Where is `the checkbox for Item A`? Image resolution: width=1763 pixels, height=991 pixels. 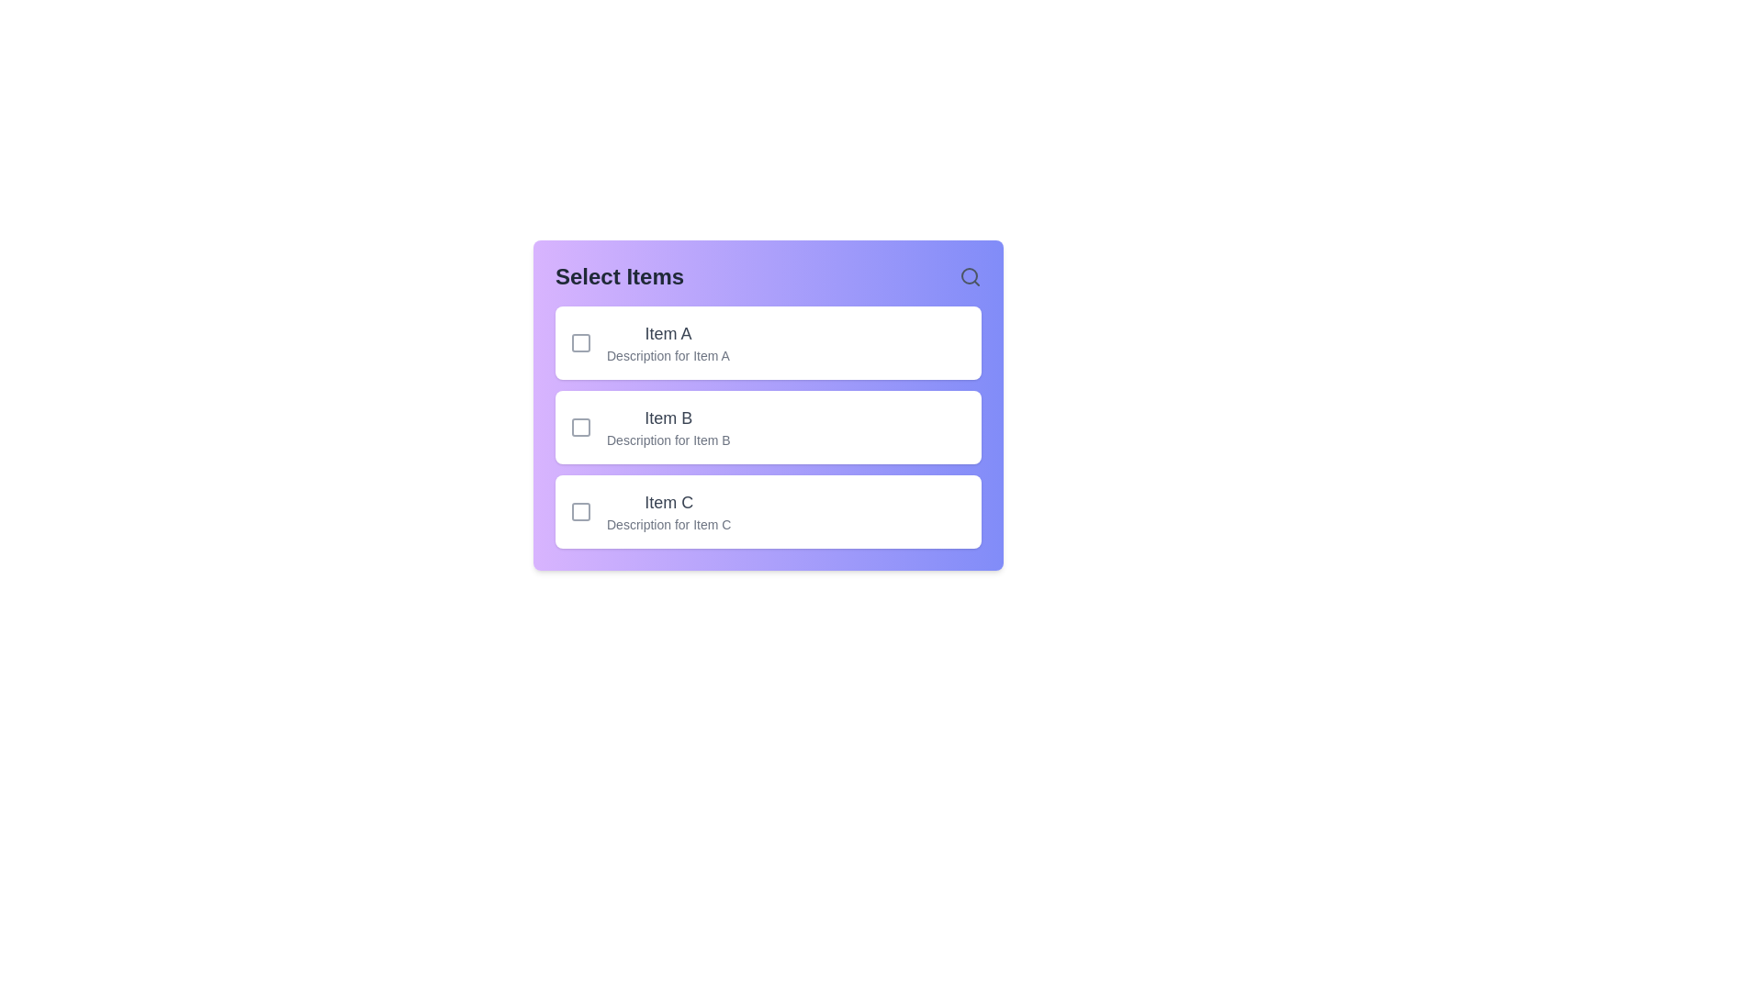
the checkbox for Item A is located at coordinates (580, 343).